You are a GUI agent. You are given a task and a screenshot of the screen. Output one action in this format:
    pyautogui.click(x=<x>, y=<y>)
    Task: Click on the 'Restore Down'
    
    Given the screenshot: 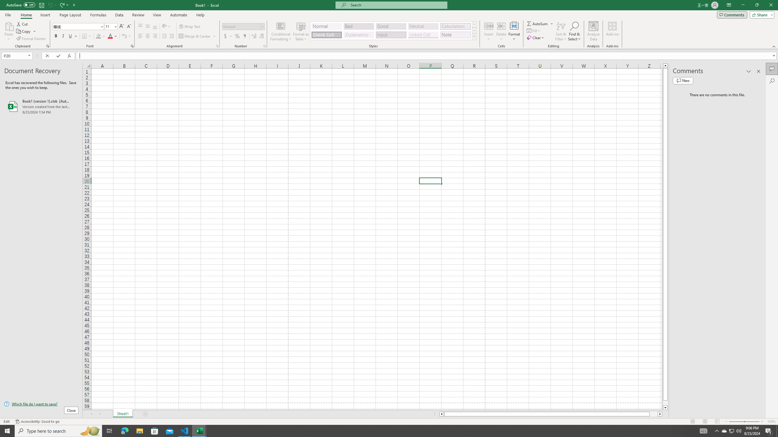 What is the action you would take?
    pyautogui.click(x=757, y=5)
    